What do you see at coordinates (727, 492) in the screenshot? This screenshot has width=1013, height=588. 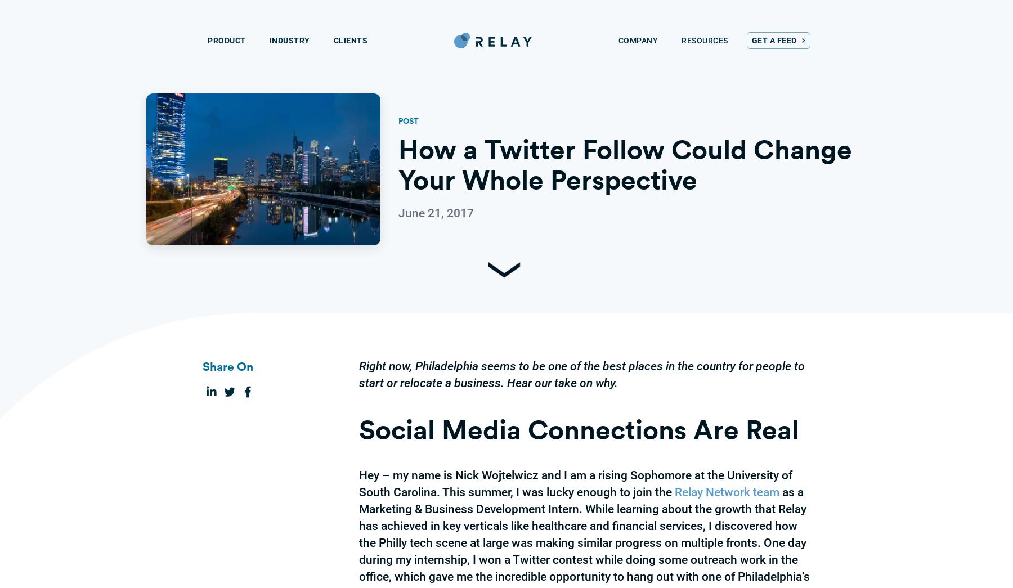 I see `'Relay Network team'` at bounding box center [727, 492].